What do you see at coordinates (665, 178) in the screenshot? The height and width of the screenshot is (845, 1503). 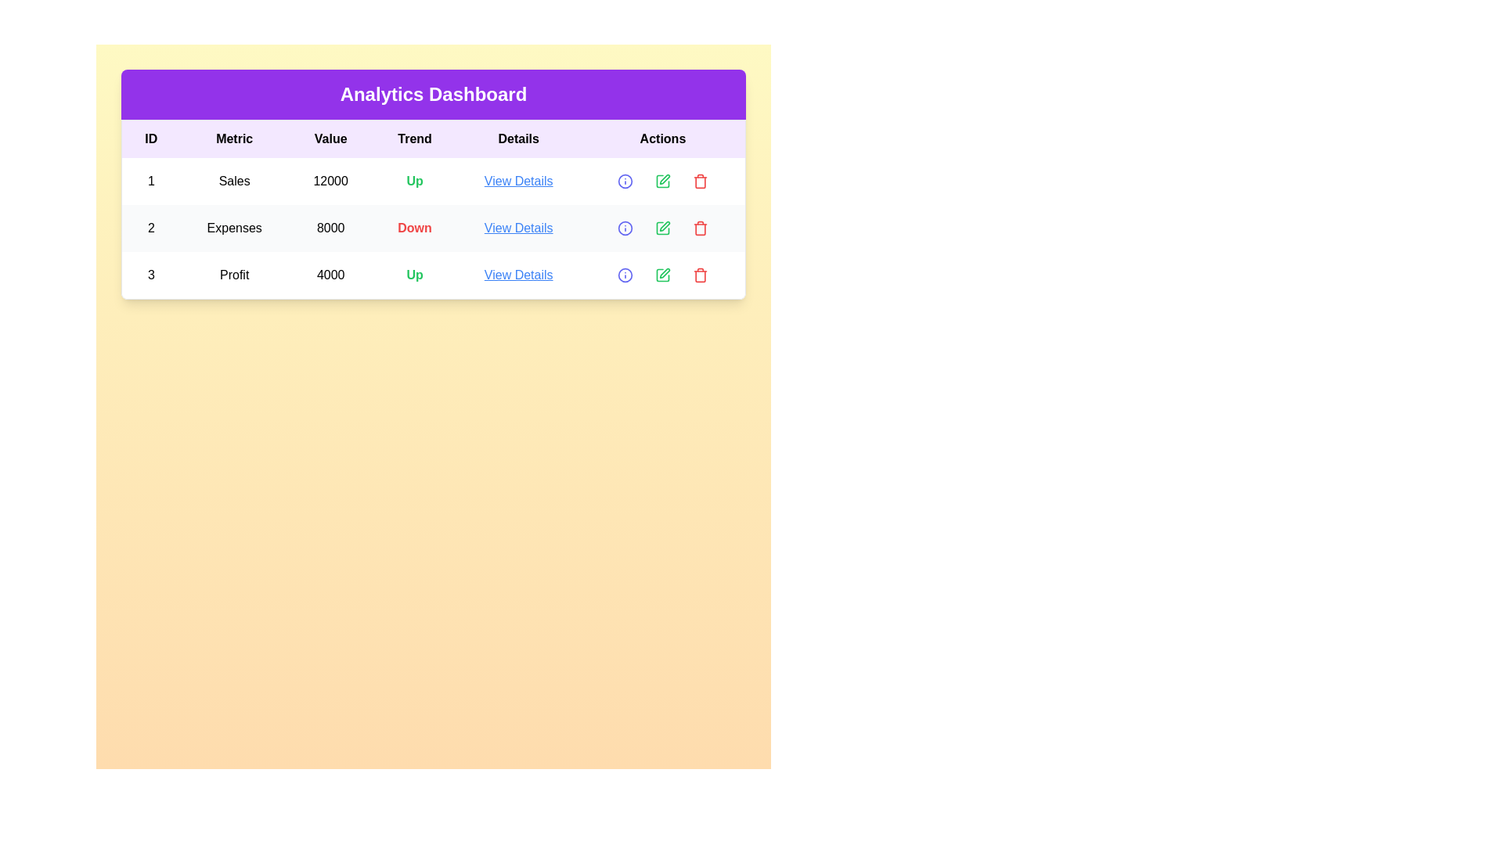 I see `the small green icon resembling a pen in the third row of the 'Actions' column` at bounding box center [665, 178].